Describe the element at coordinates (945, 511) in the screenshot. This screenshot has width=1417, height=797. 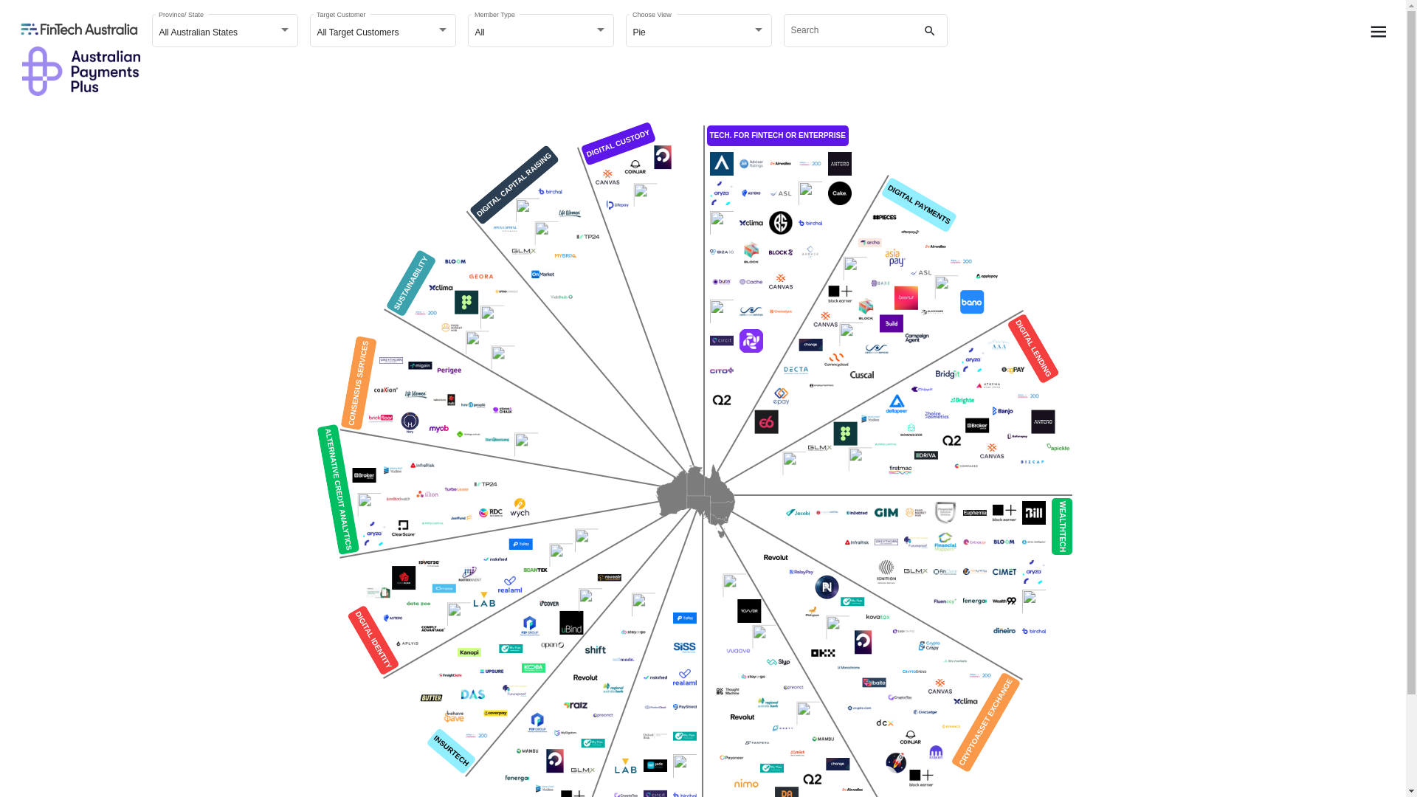
I see `'Financial Advice Online (Plencore Wealth Ltd)'` at that location.